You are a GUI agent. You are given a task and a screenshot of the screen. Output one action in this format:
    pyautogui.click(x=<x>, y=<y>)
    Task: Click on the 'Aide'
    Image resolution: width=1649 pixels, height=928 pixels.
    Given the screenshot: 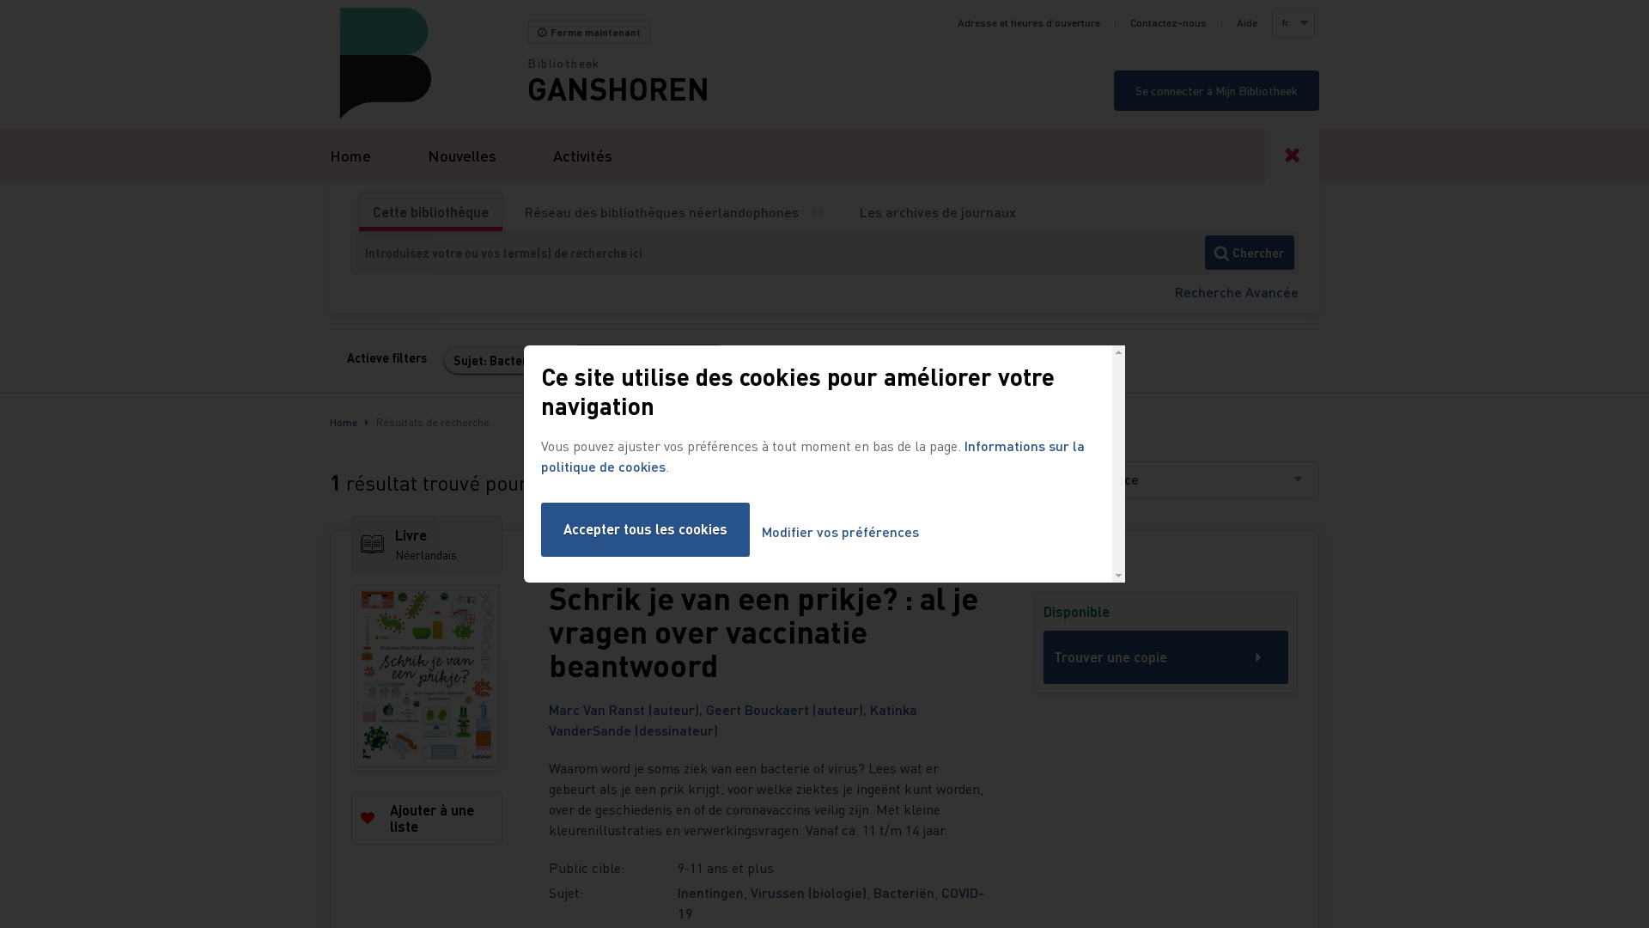 What is the action you would take?
    pyautogui.click(x=1246, y=23)
    